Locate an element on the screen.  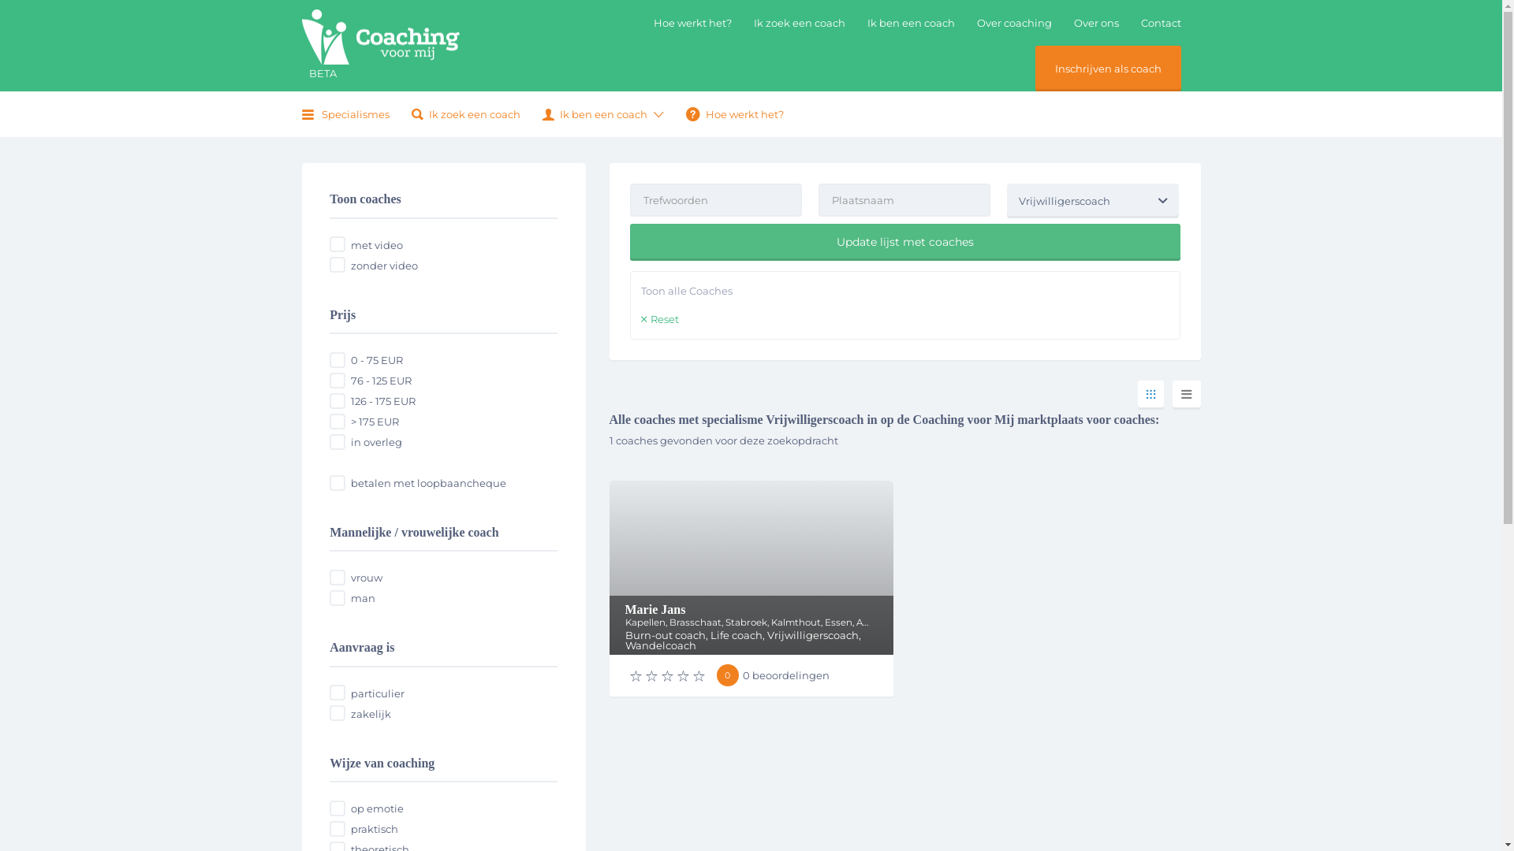
'Over coaching' is located at coordinates (1013, 23).